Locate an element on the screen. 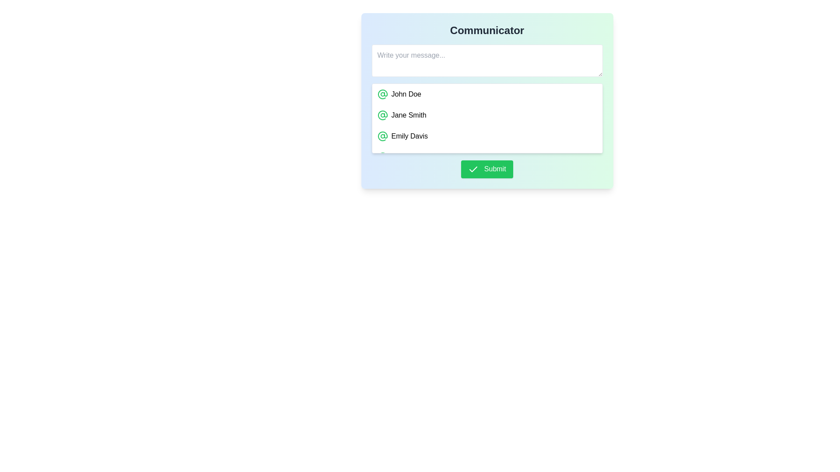 The width and height of the screenshot is (840, 472). the text label displaying 'Emily Davis' is located at coordinates (409, 136).